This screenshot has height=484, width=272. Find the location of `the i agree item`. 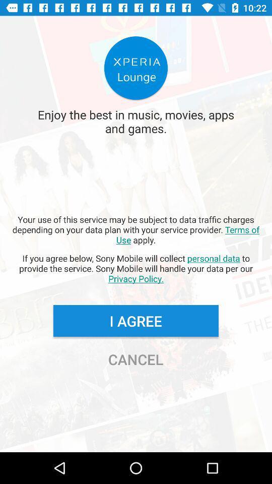

the i agree item is located at coordinates (135, 320).